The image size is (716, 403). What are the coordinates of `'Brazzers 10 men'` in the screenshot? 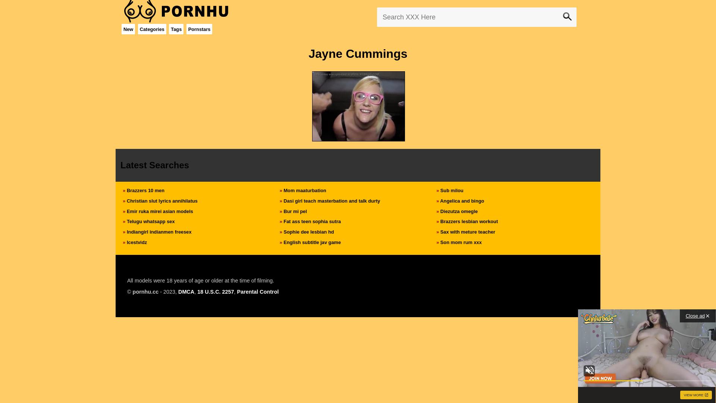 It's located at (145, 190).